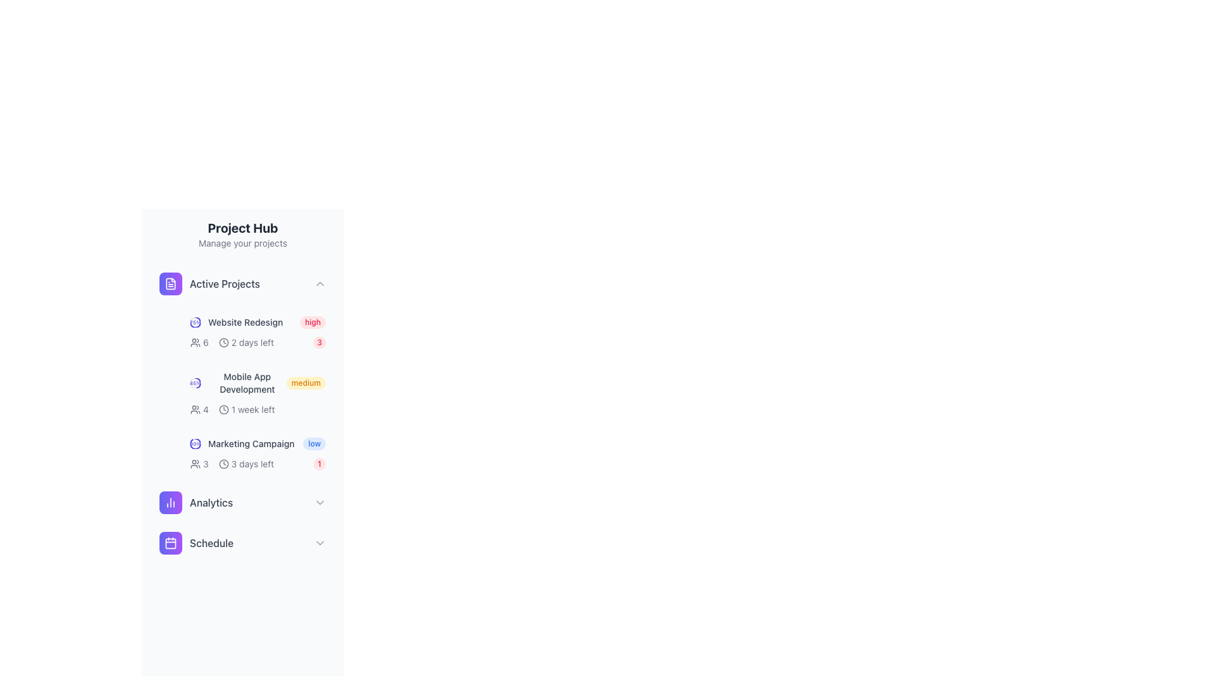  What do you see at coordinates (199, 410) in the screenshot?
I see `the label displaying the number of users associated with the 'Mobile App Development' project, located in the 'Active Projects' section, to the right of the user icon` at bounding box center [199, 410].